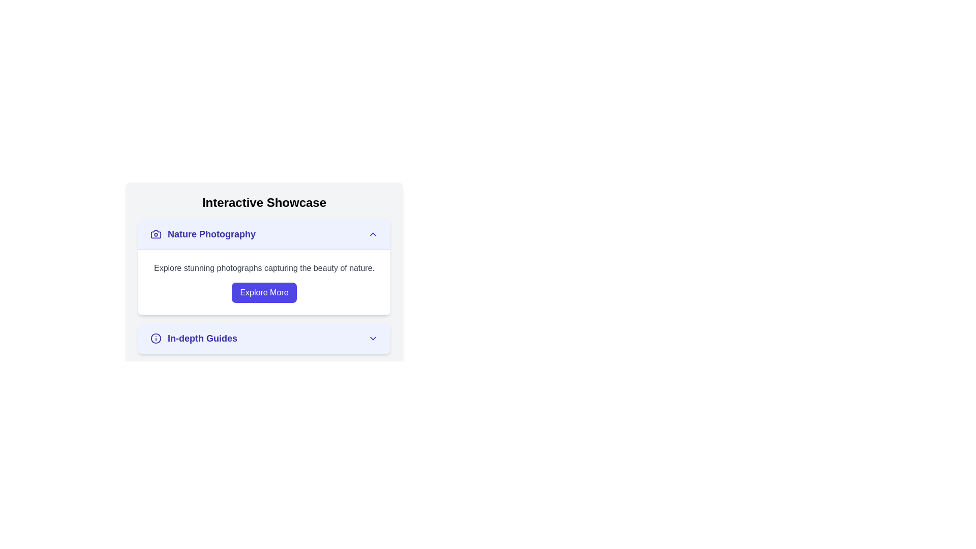  Describe the element at coordinates (264, 292) in the screenshot. I see `the 'Explore More' button` at that location.